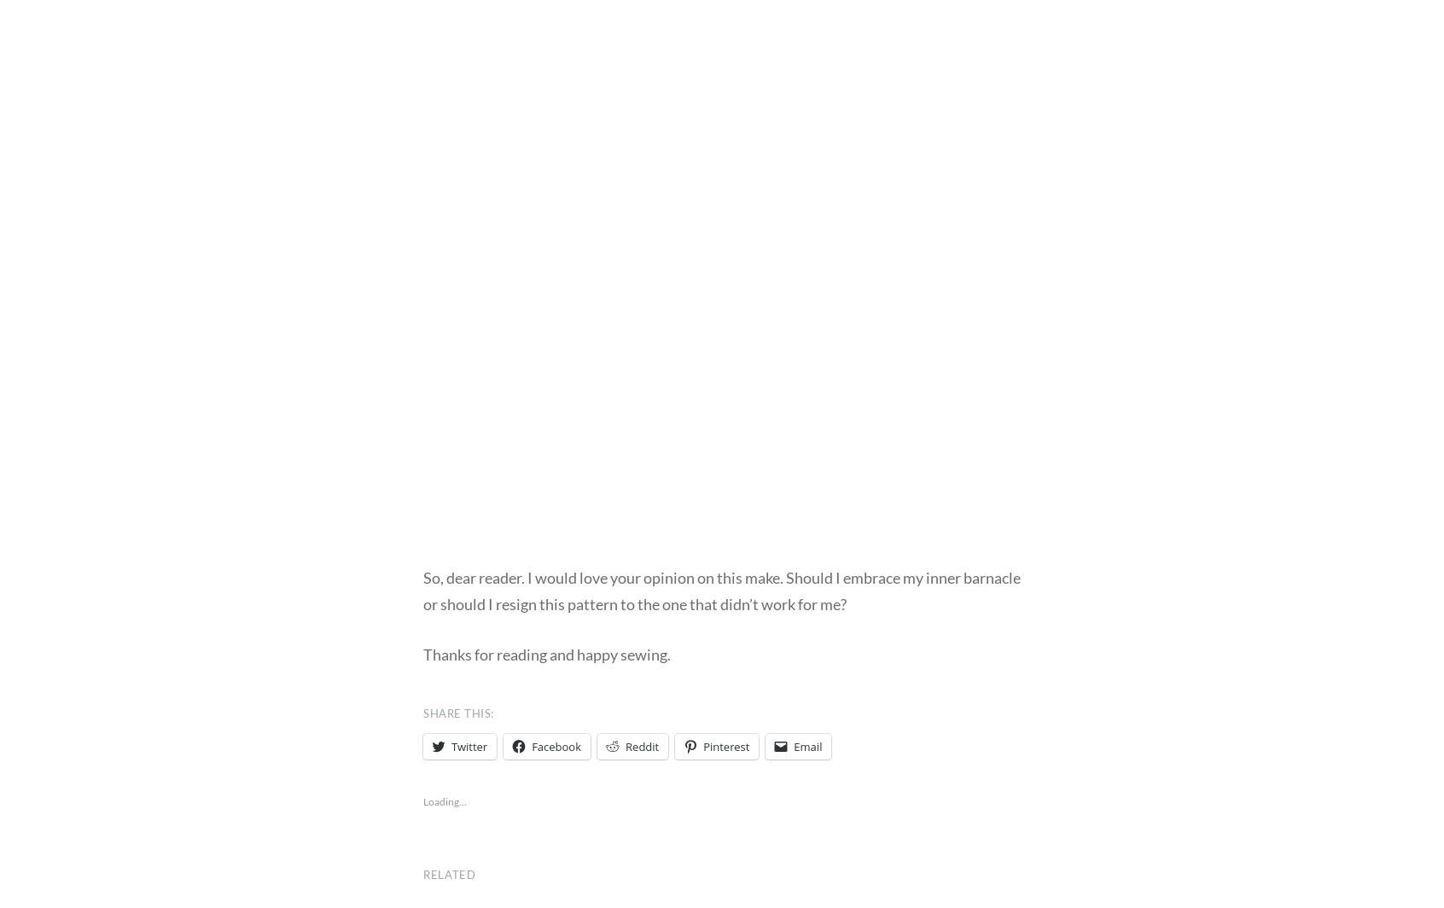  Describe the element at coordinates (641, 745) in the screenshot. I see `'Reddit'` at that location.